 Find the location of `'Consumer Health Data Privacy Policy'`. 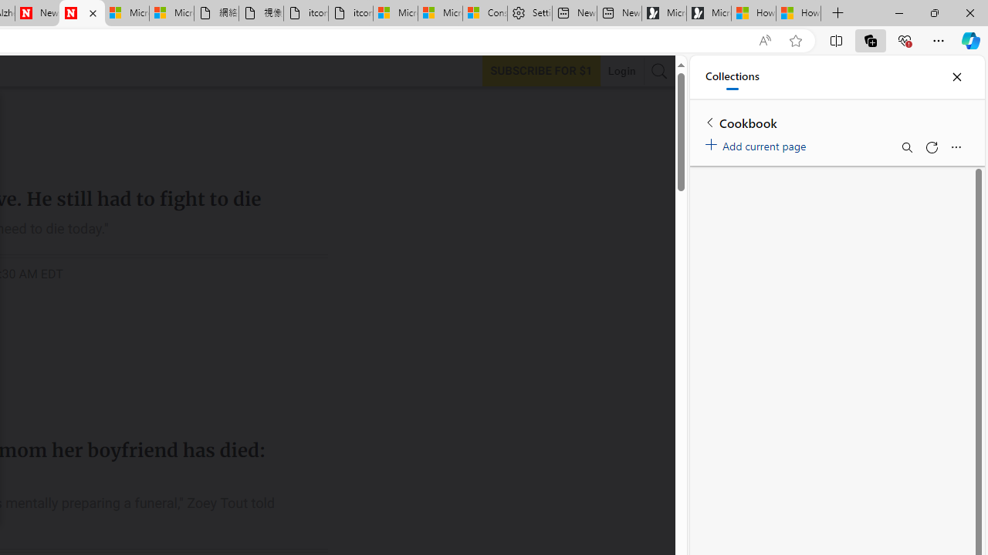

'Consumer Health Data Privacy Policy' is located at coordinates (484, 13).